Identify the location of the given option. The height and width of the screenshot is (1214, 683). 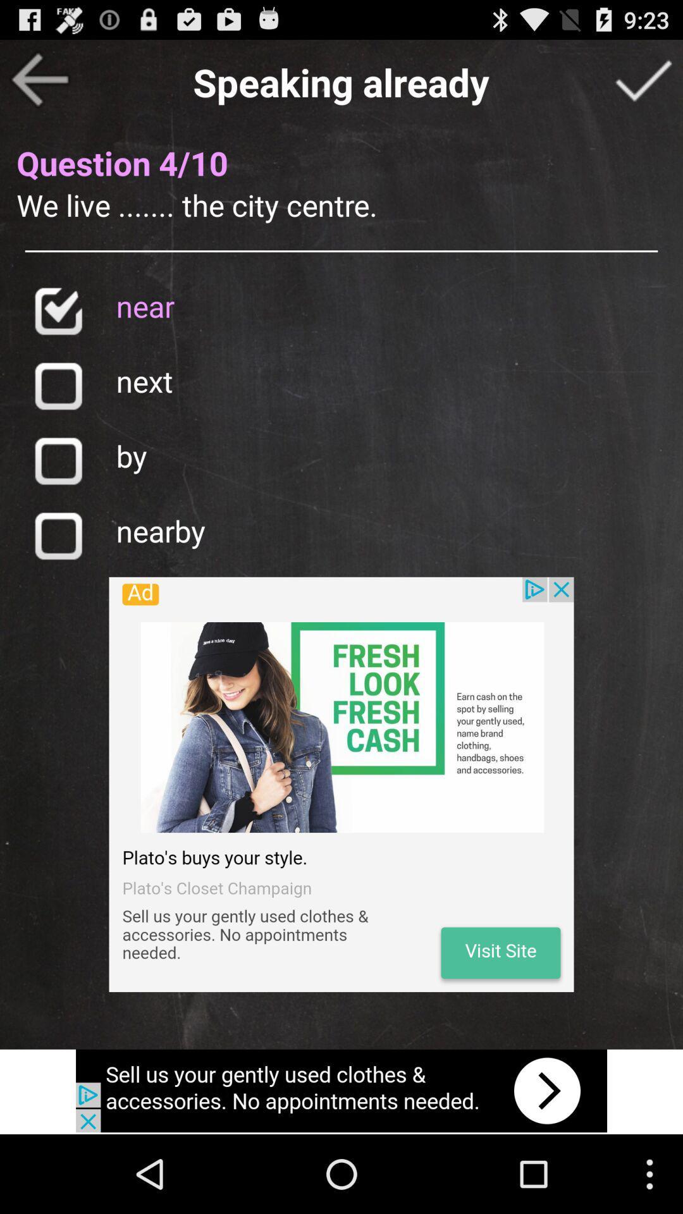
(58, 460).